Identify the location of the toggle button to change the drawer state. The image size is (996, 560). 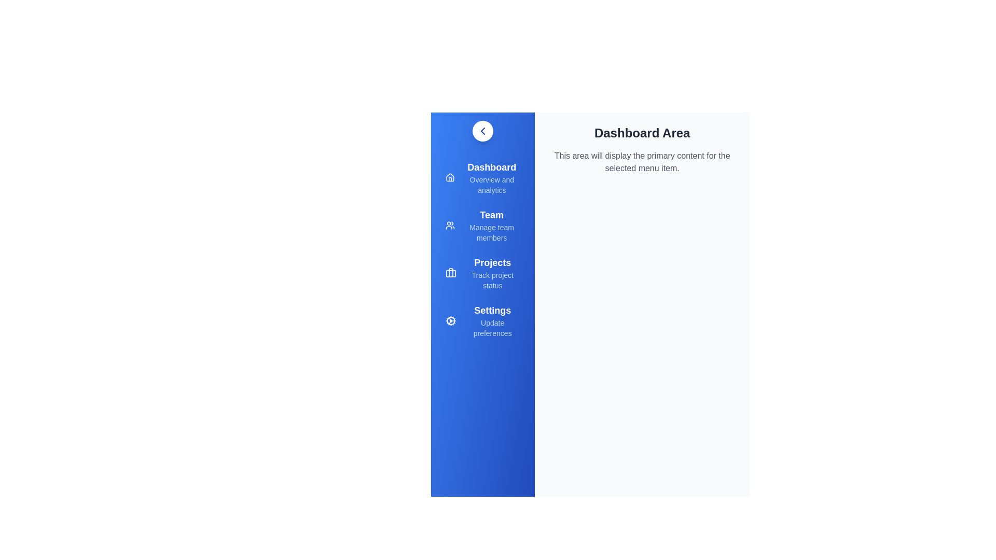
(482, 131).